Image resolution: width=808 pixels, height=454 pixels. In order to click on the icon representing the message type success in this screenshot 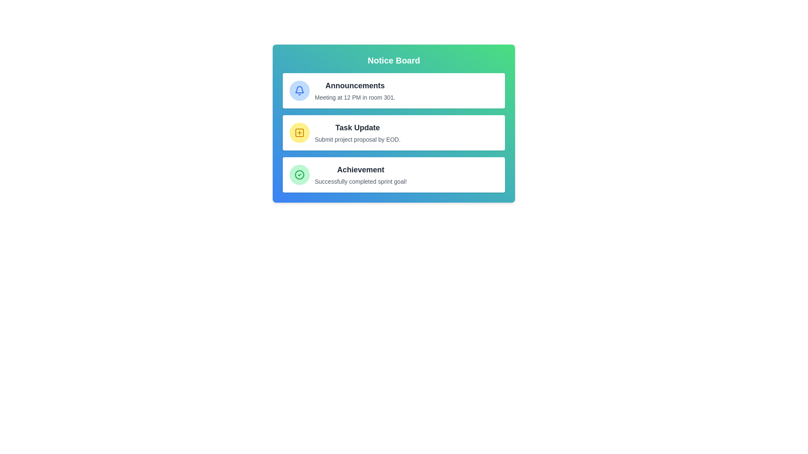, I will do `click(299, 174)`.